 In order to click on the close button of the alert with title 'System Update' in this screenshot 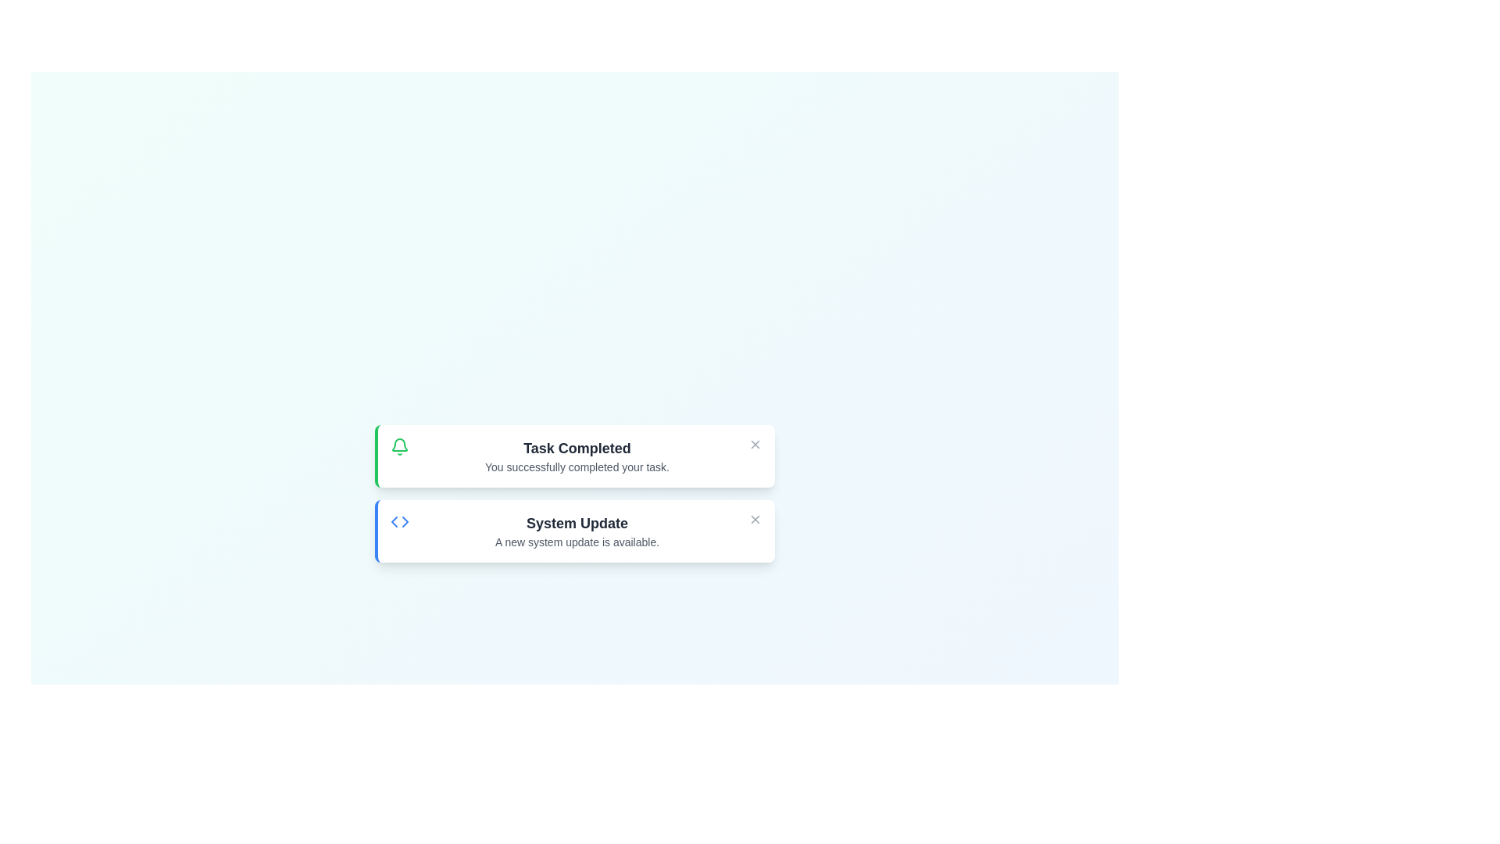, I will do `click(755, 519)`.